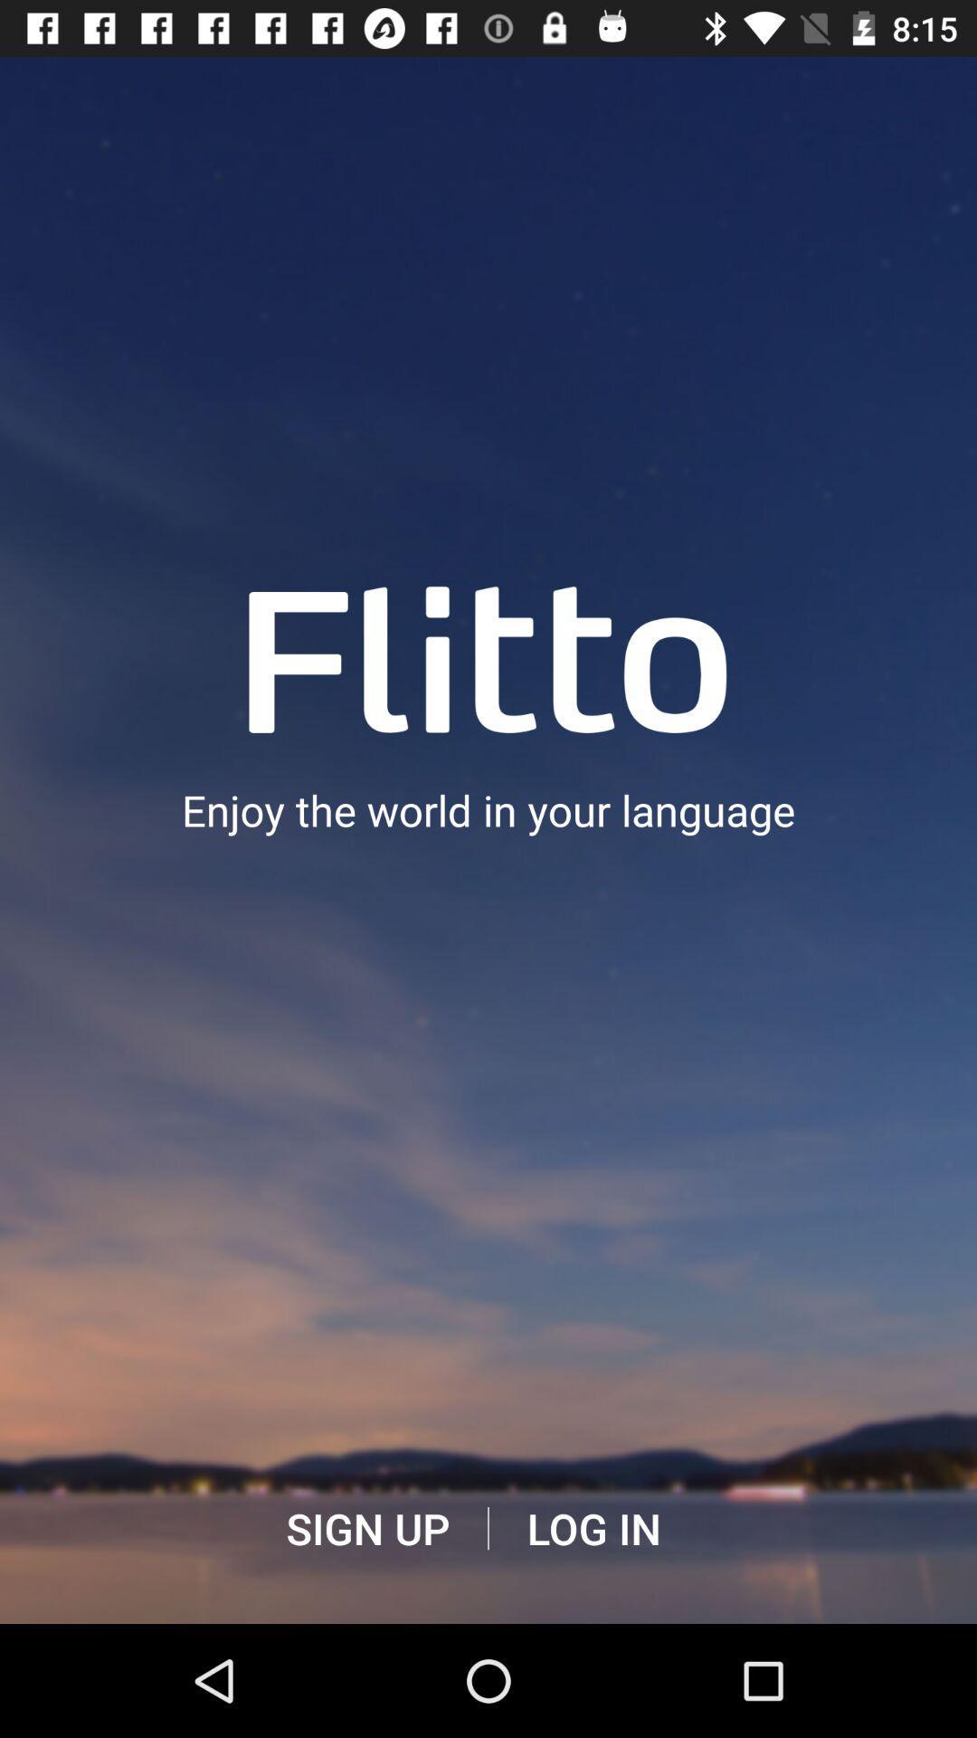  What do you see at coordinates (593, 1528) in the screenshot?
I see `item below enjoy the world icon` at bounding box center [593, 1528].